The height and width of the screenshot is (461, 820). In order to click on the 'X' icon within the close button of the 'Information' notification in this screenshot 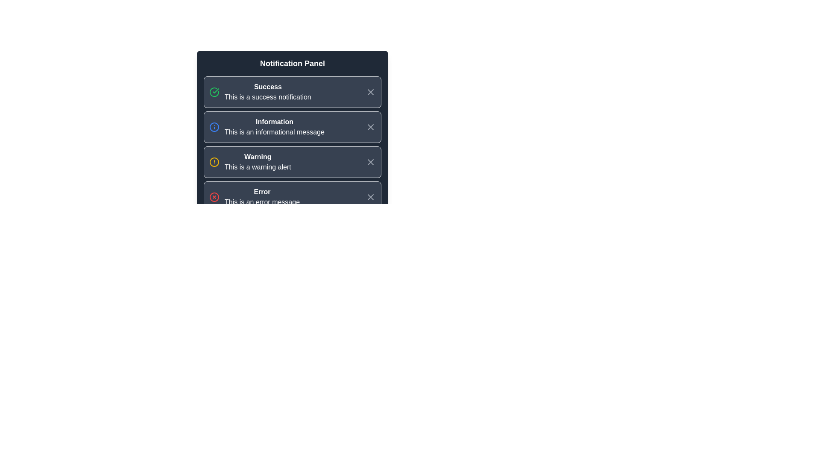, I will do `click(371, 127)`.